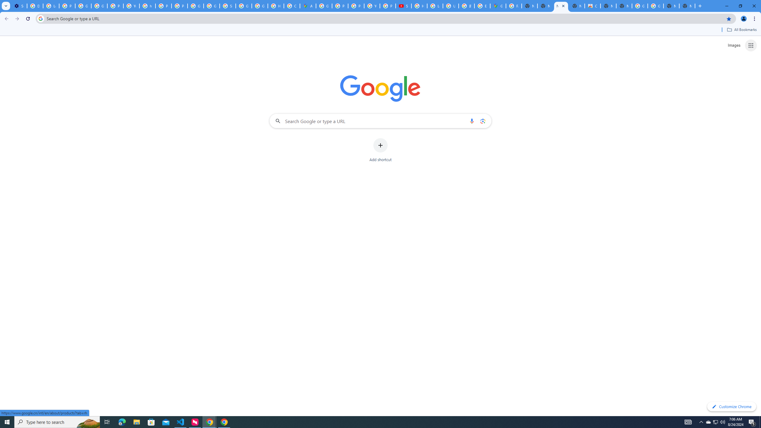 The width and height of the screenshot is (761, 428). What do you see at coordinates (687, 6) in the screenshot?
I see `'New Tab'` at bounding box center [687, 6].